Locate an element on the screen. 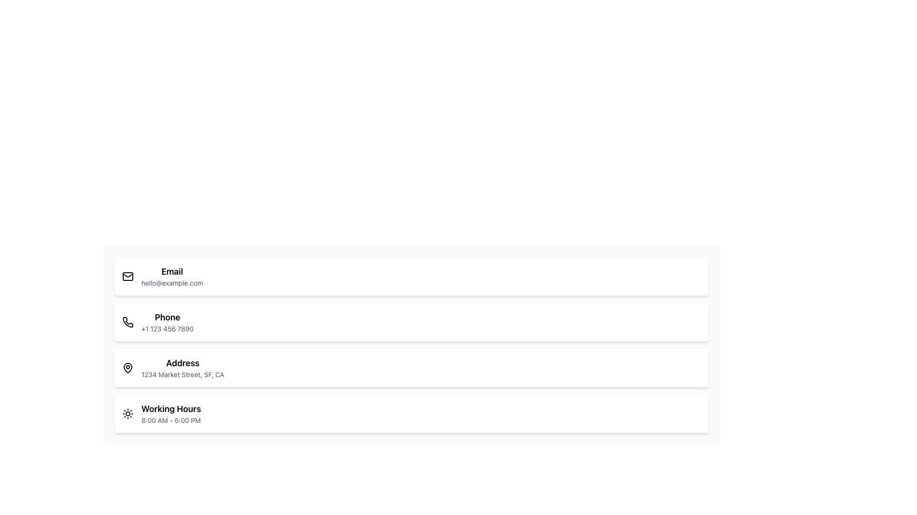 Image resolution: width=917 pixels, height=515 pixels. the 'Working Hours' text label, which is styled in a larger bold font and located to the right of the working hours icon, positioned at the bottom section of a vertical list of informational blocks is located at coordinates (171, 408).